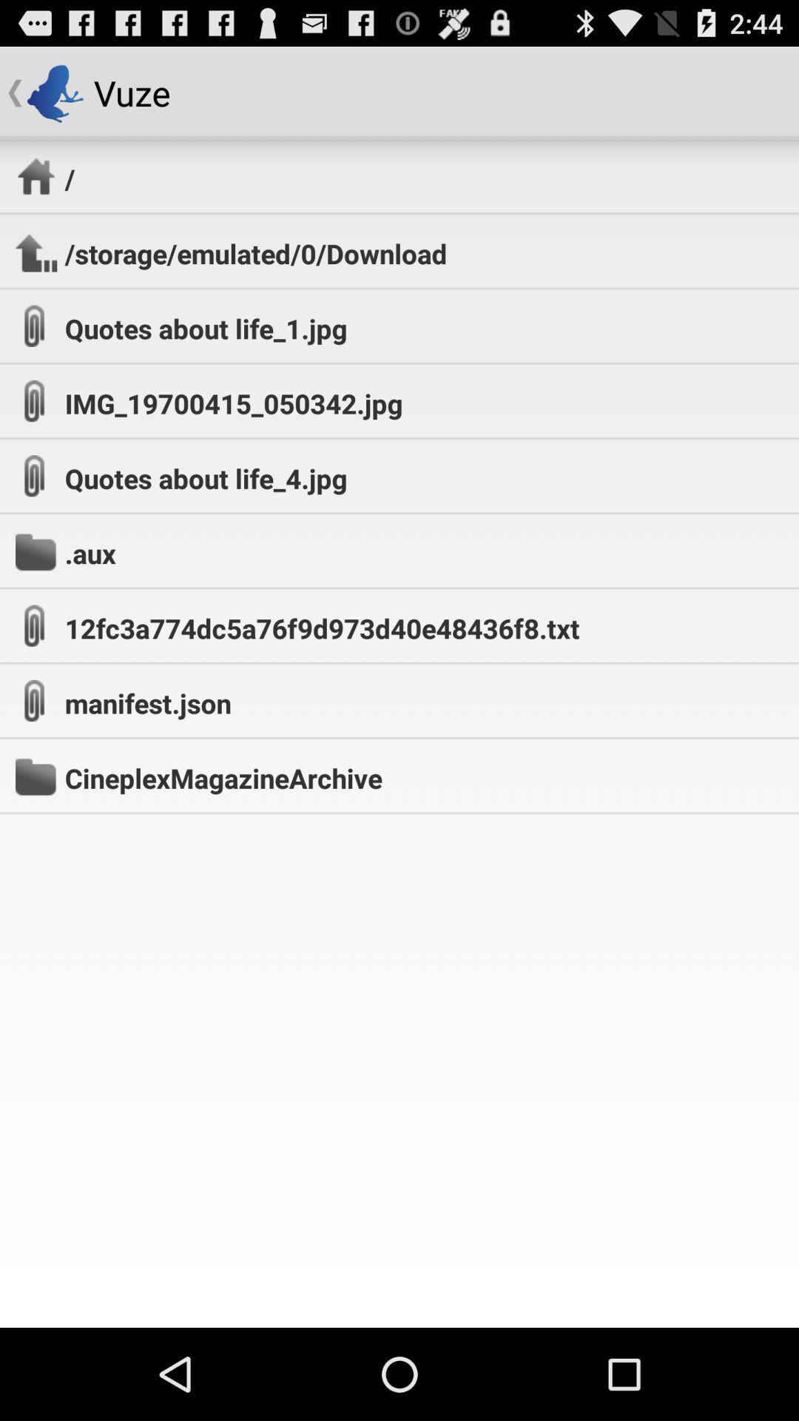 This screenshot has width=799, height=1421. I want to click on cineplexmagazinearchive item, so click(223, 777).